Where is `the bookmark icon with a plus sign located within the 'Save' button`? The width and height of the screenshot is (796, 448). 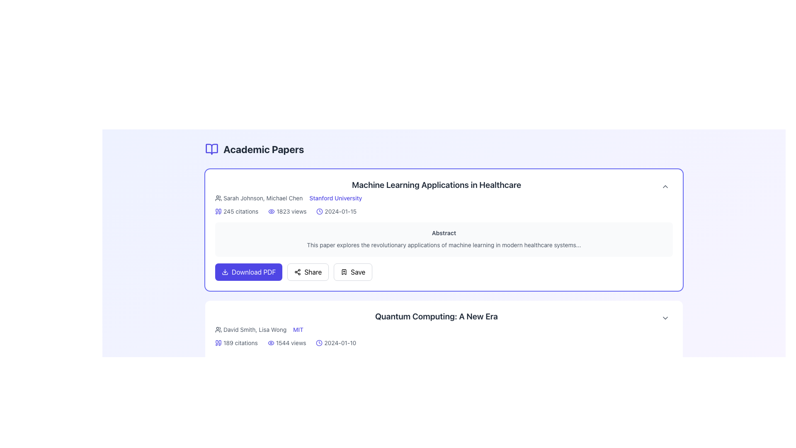
the bookmark icon with a plus sign located within the 'Save' button is located at coordinates (344, 272).